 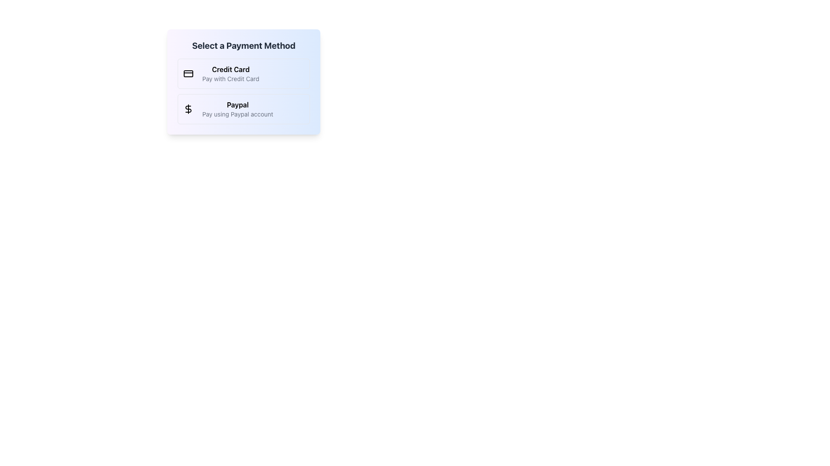 I want to click on the informational text label that provides context for the 'Paypal' payment method option, positioned beneath the bolded 'Paypal' text, so click(x=238, y=114).